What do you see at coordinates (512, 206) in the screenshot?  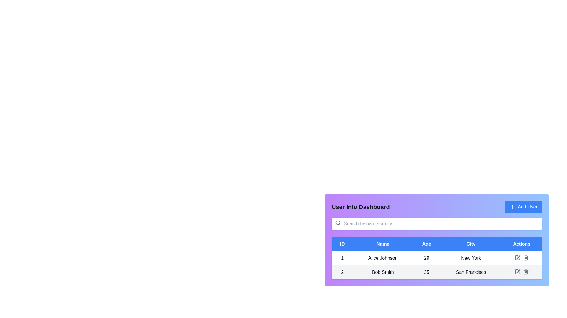 I see `the plus icon inside the 'Add User' button, which is styled with white text on a blue background and located in the upper-right corner of the interface` at bounding box center [512, 206].